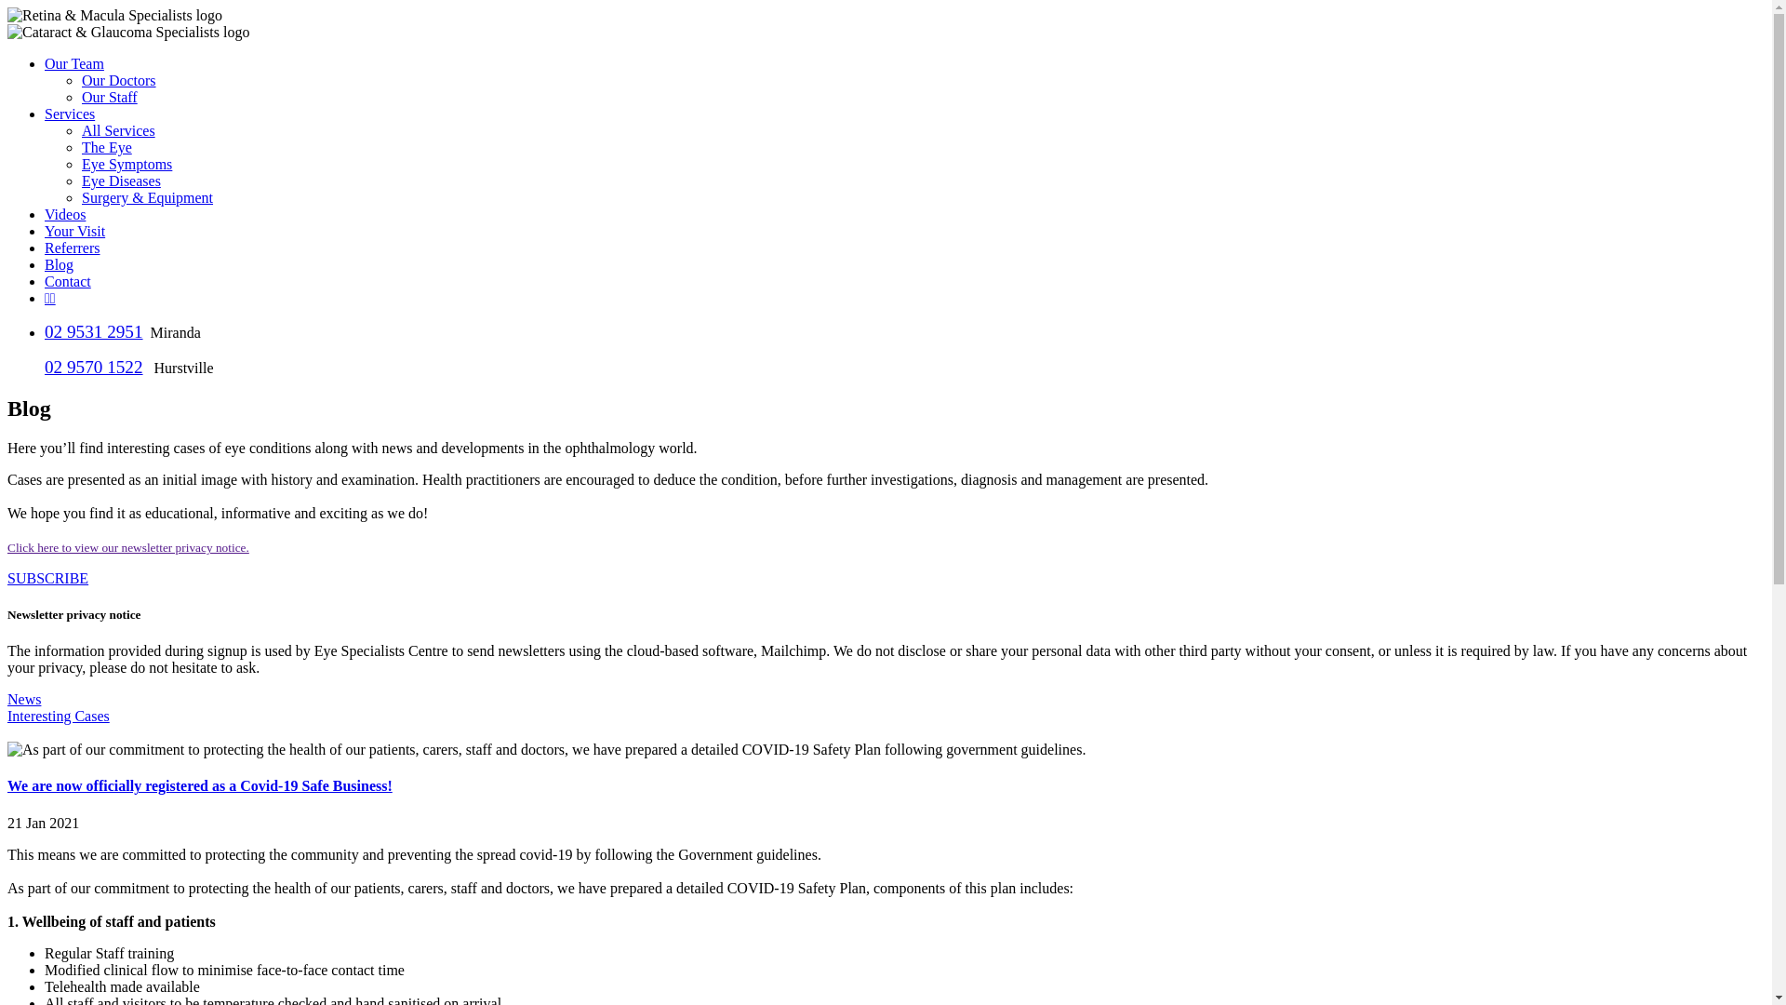 The width and height of the screenshot is (1786, 1005). What do you see at coordinates (117, 129) in the screenshot?
I see `'All Services'` at bounding box center [117, 129].